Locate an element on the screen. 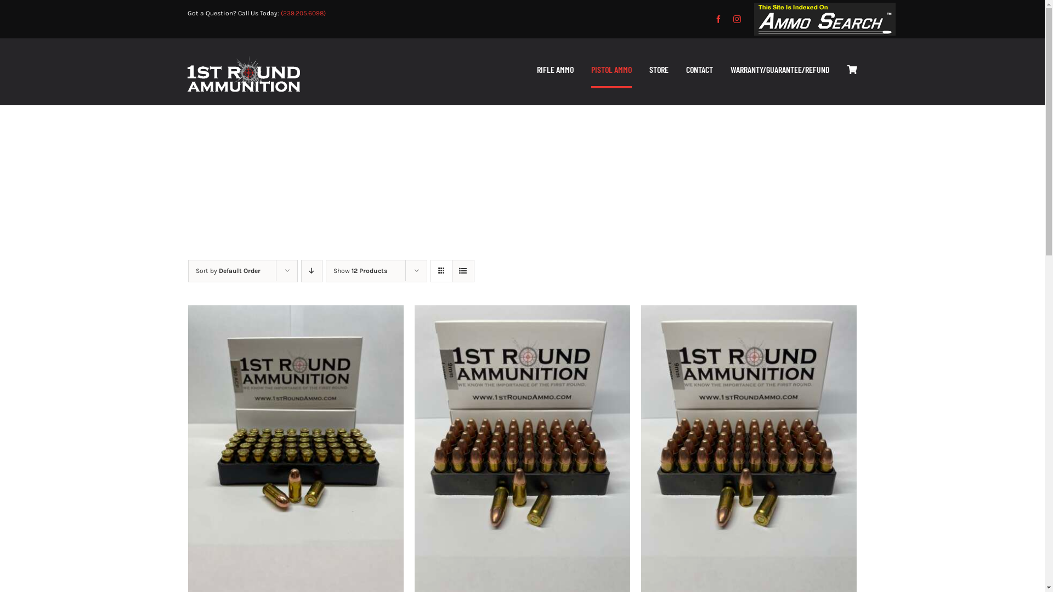 The image size is (1053, 592). 'RIFLE AMMO' is located at coordinates (555, 70).